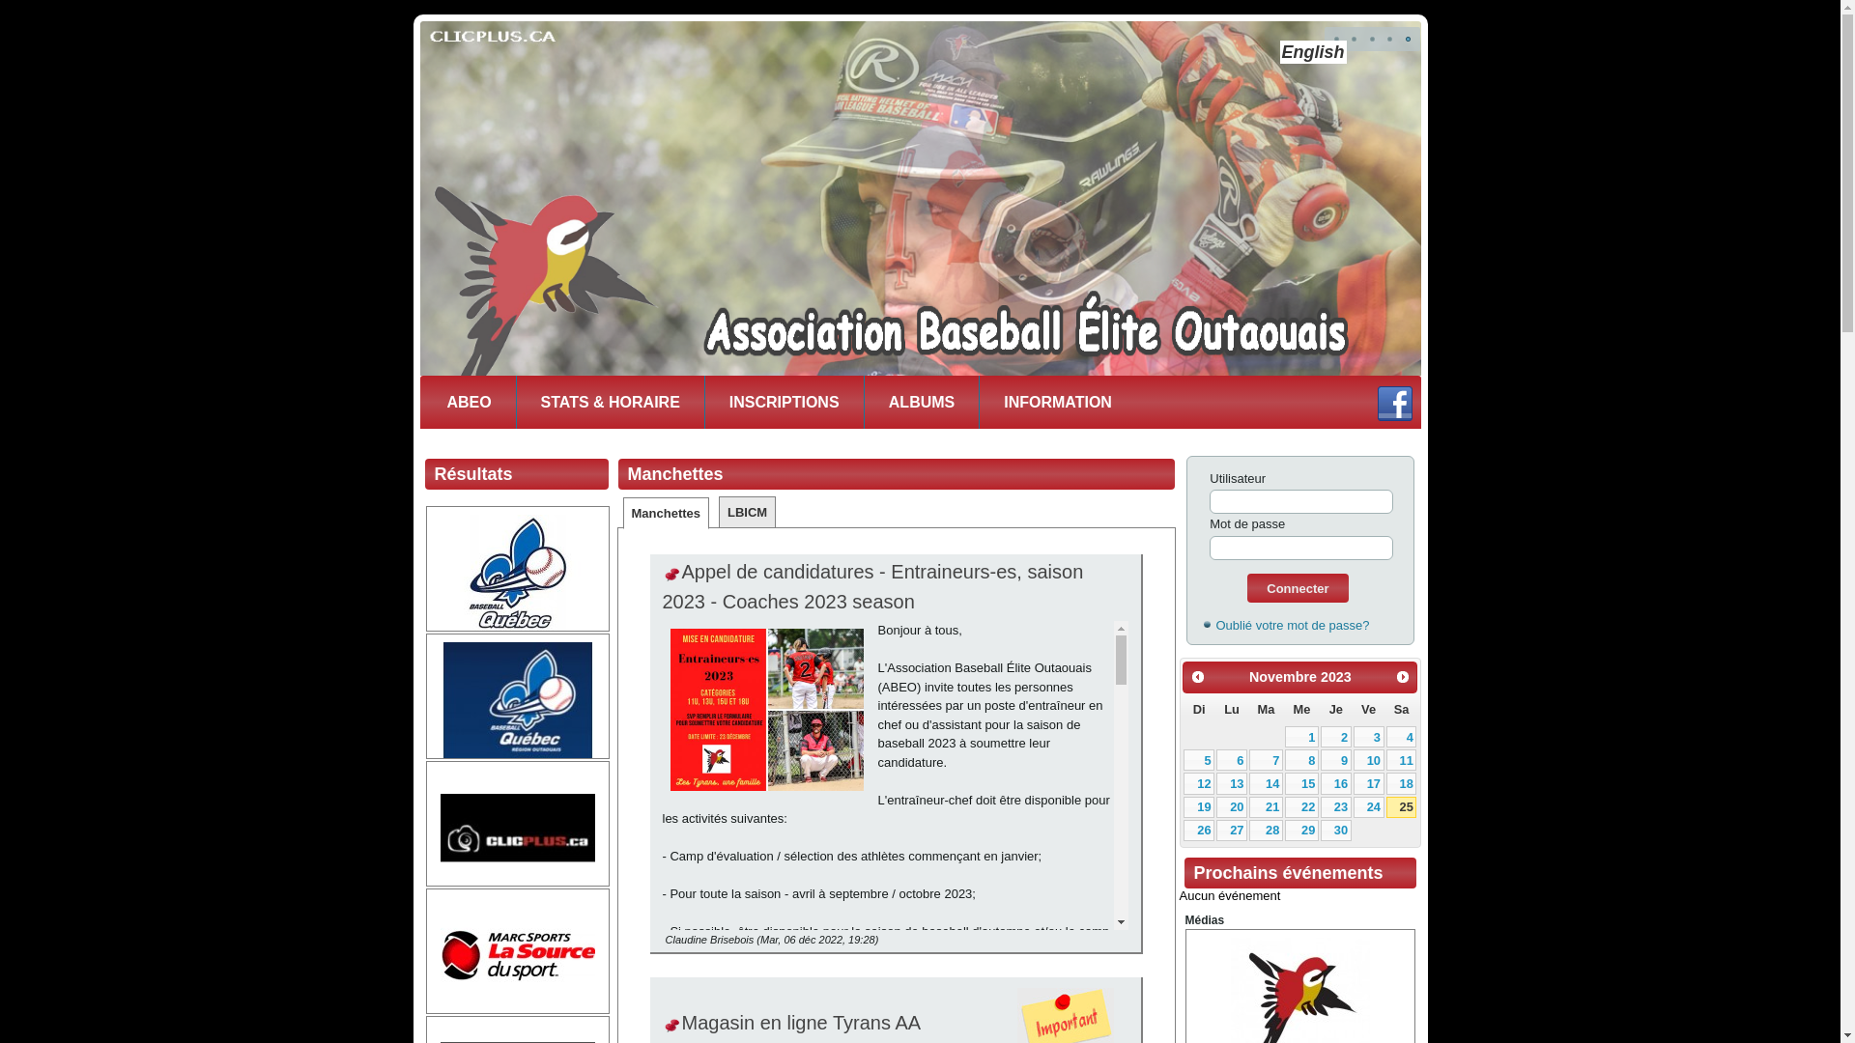 This screenshot has width=1855, height=1043. Describe the element at coordinates (518, 826) in the screenshot. I see `'ClicPlus'` at that location.